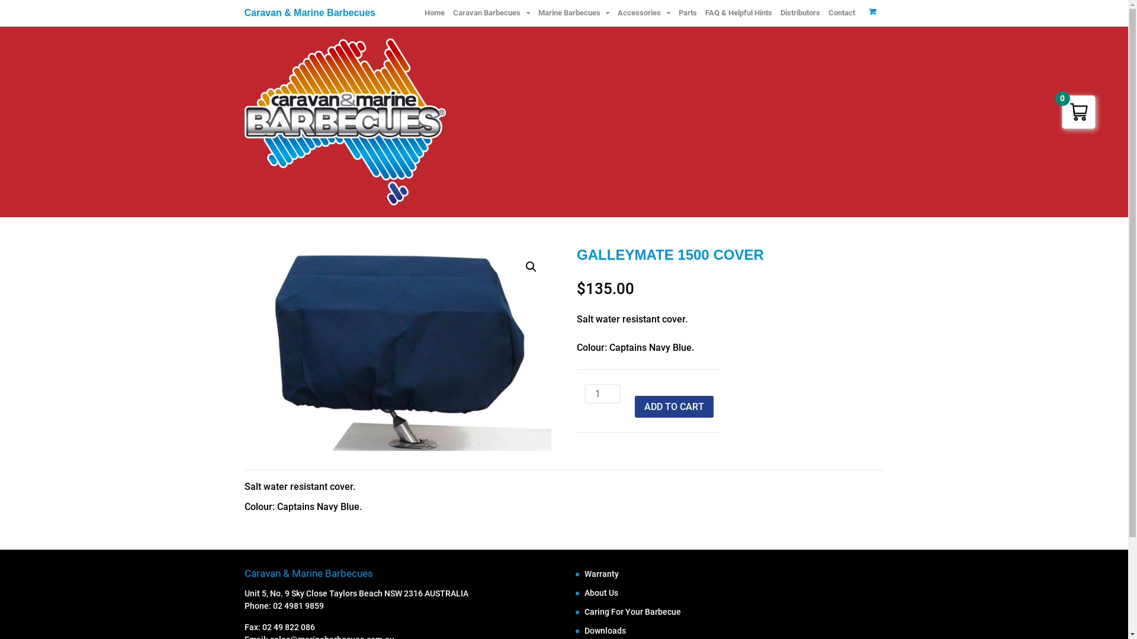 The image size is (1137, 639). Describe the element at coordinates (632, 611) in the screenshot. I see `'Caring For Your Barbecue'` at that location.